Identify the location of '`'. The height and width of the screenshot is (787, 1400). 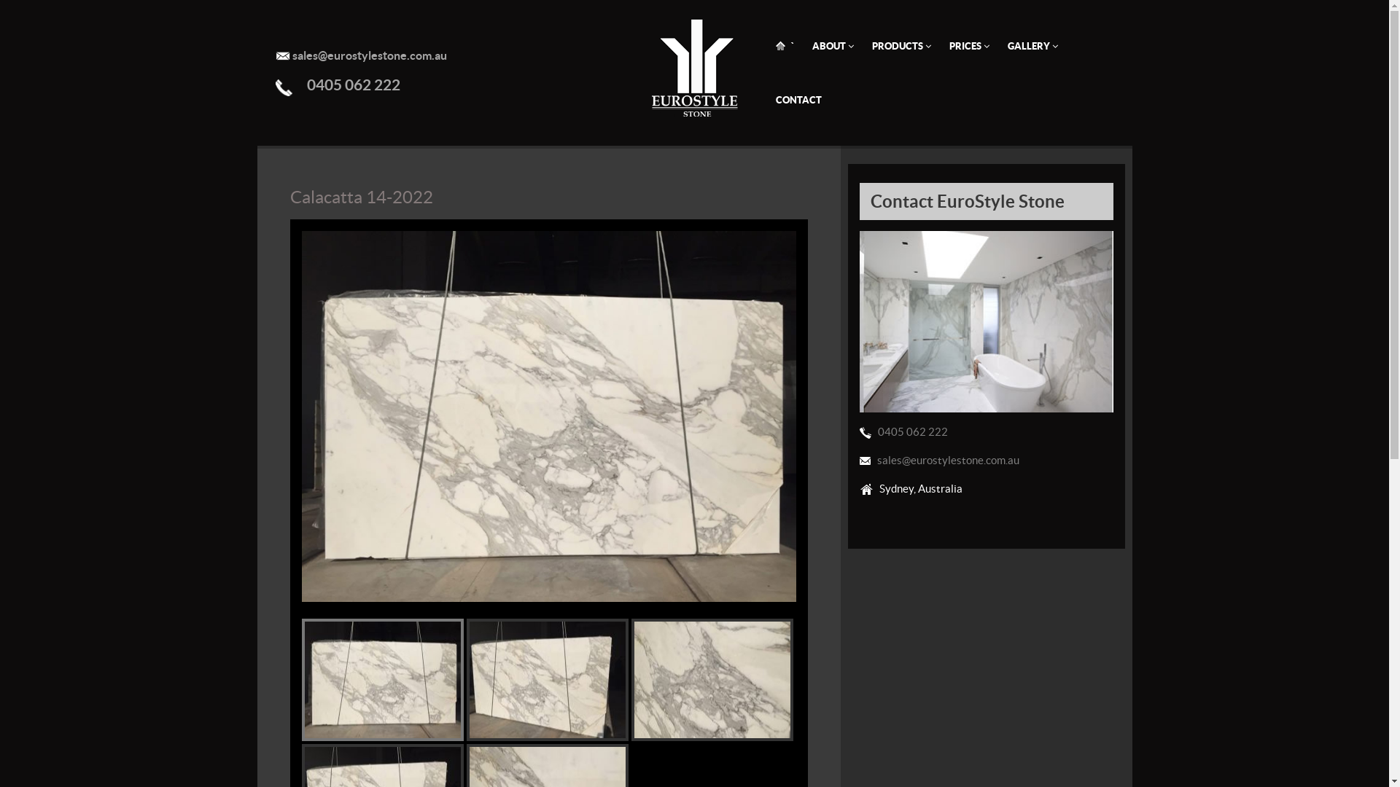
(784, 45).